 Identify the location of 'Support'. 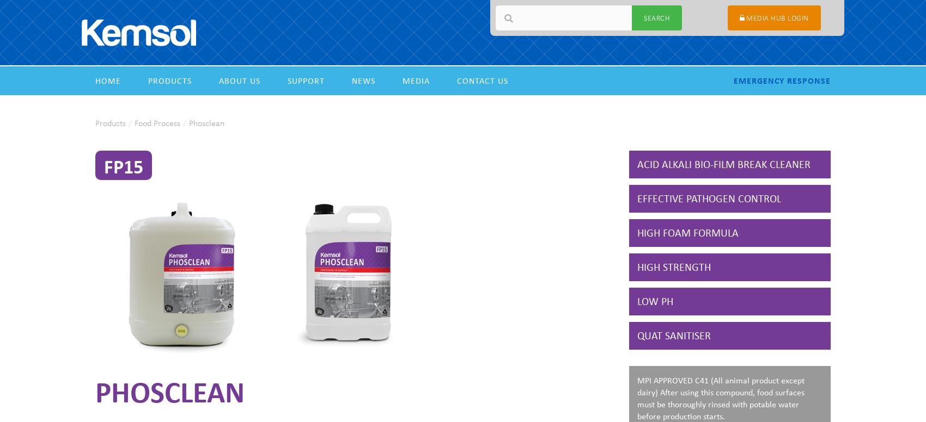
(306, 79).